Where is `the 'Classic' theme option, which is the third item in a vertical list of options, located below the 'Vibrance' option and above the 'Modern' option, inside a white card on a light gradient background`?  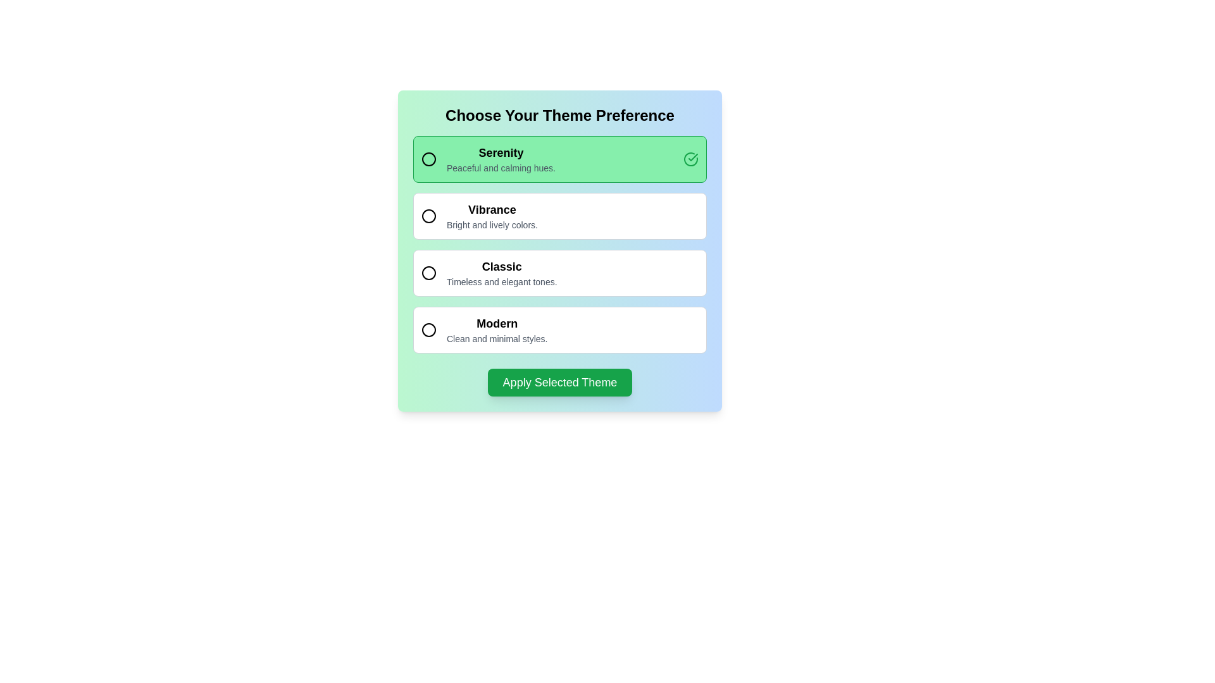
the 'Classic' theme option, which is the third item in a vertical list of options, located below the 'Vibrance' option and above the 'Modern' option, inside a white card on a light gradient background is located at coordinates (501, 273).